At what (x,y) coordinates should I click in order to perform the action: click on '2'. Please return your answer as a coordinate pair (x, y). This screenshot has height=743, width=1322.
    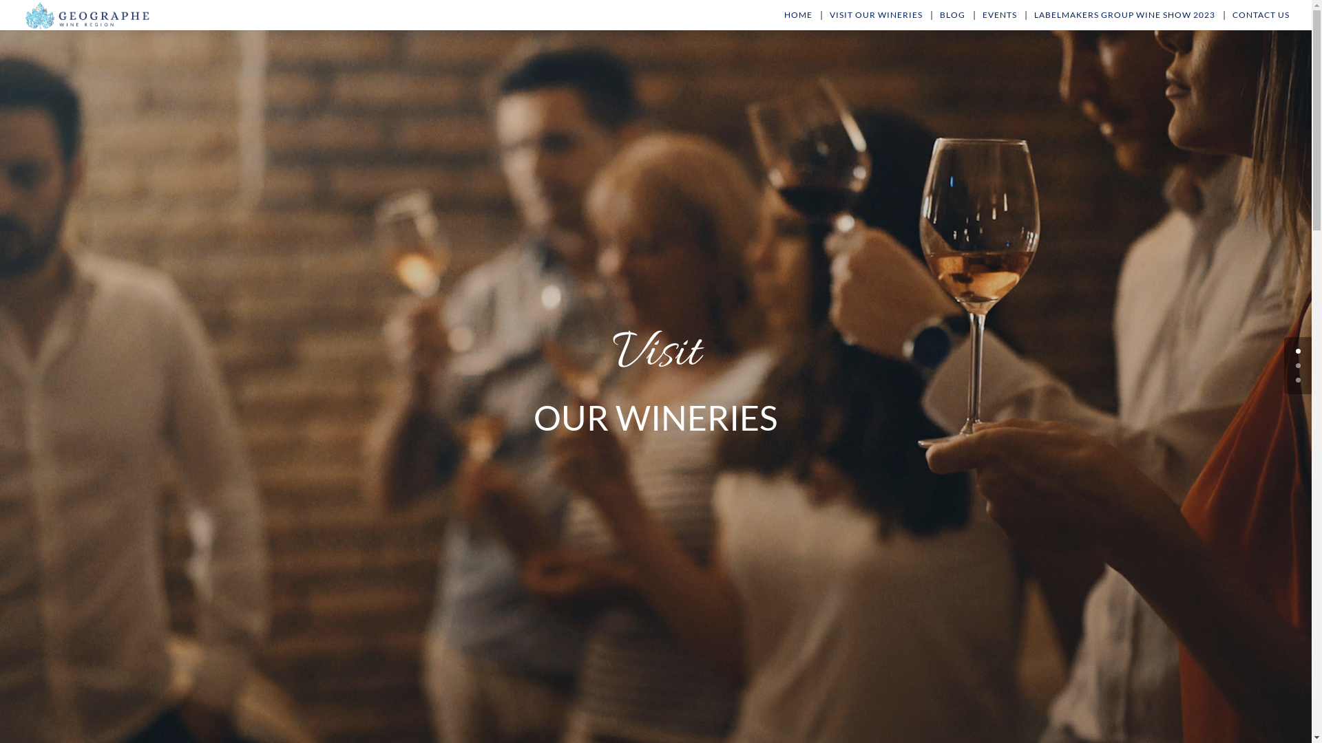
    Looking at the image, I should click on (1297, 380).